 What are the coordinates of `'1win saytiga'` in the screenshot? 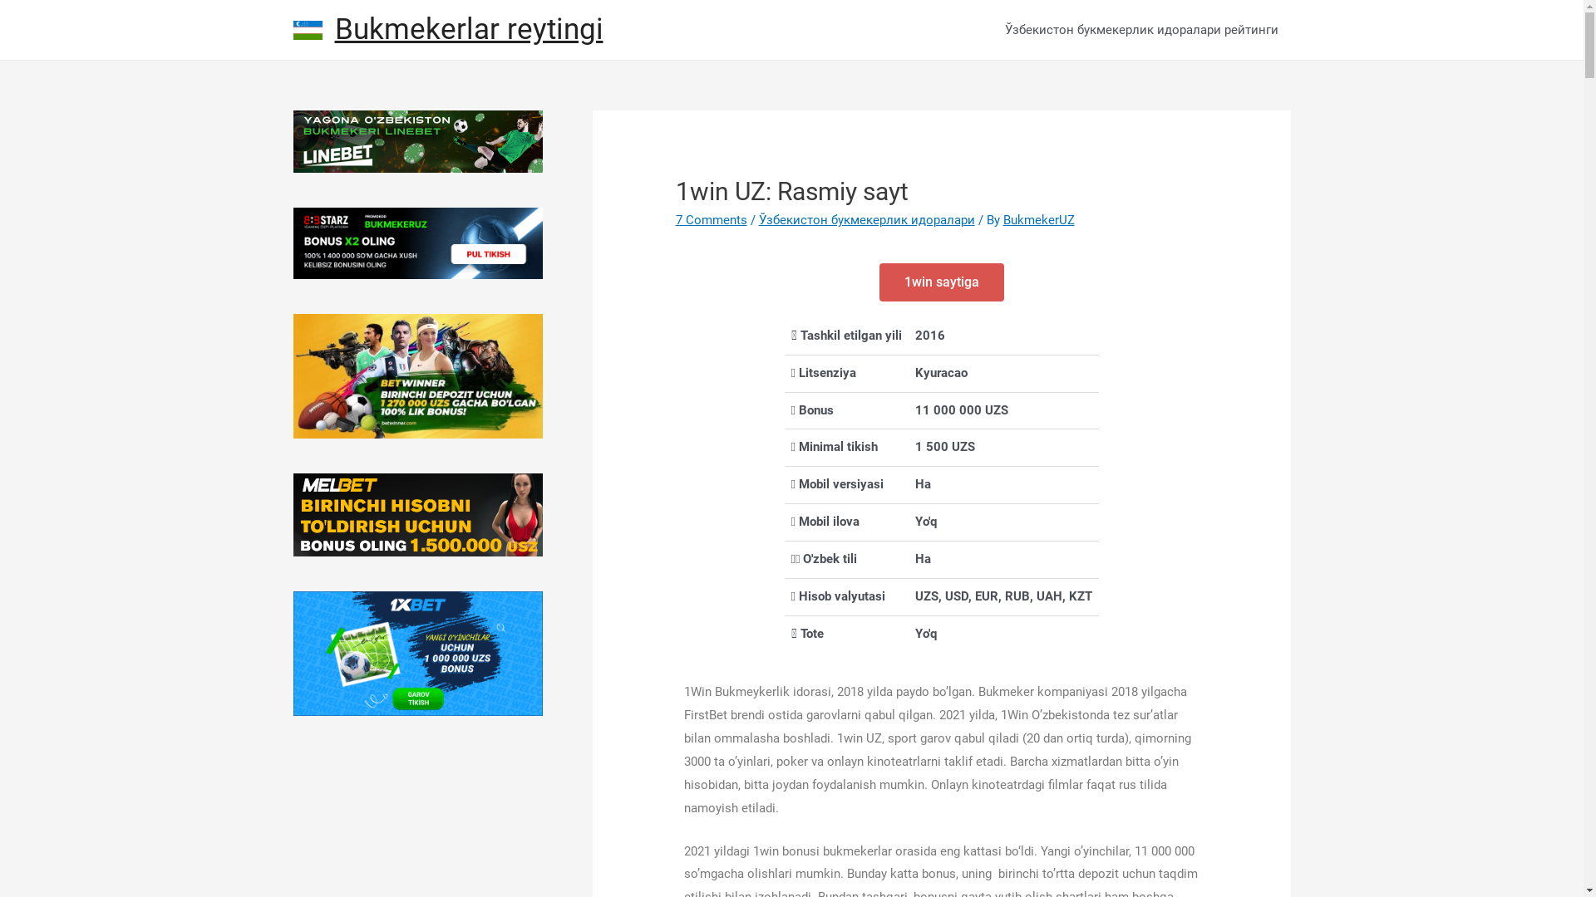 It's located at (941, 281).